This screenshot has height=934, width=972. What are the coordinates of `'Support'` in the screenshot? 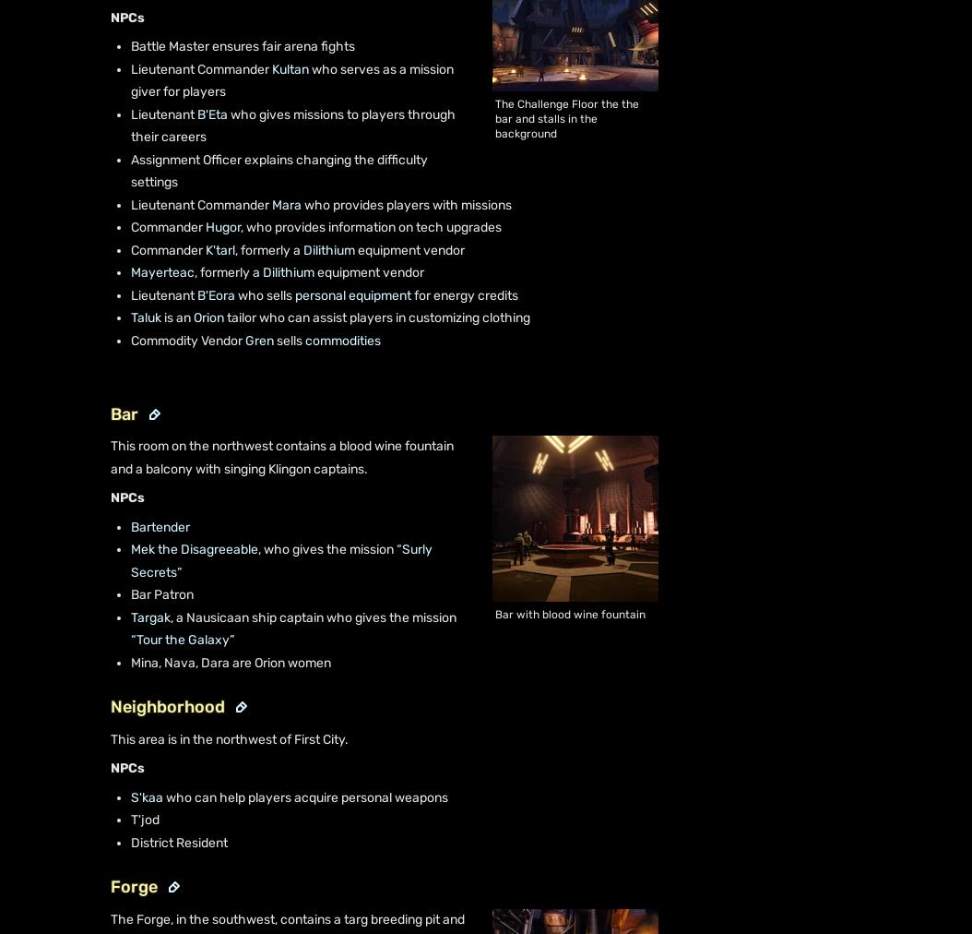 It's located at (77, 150).